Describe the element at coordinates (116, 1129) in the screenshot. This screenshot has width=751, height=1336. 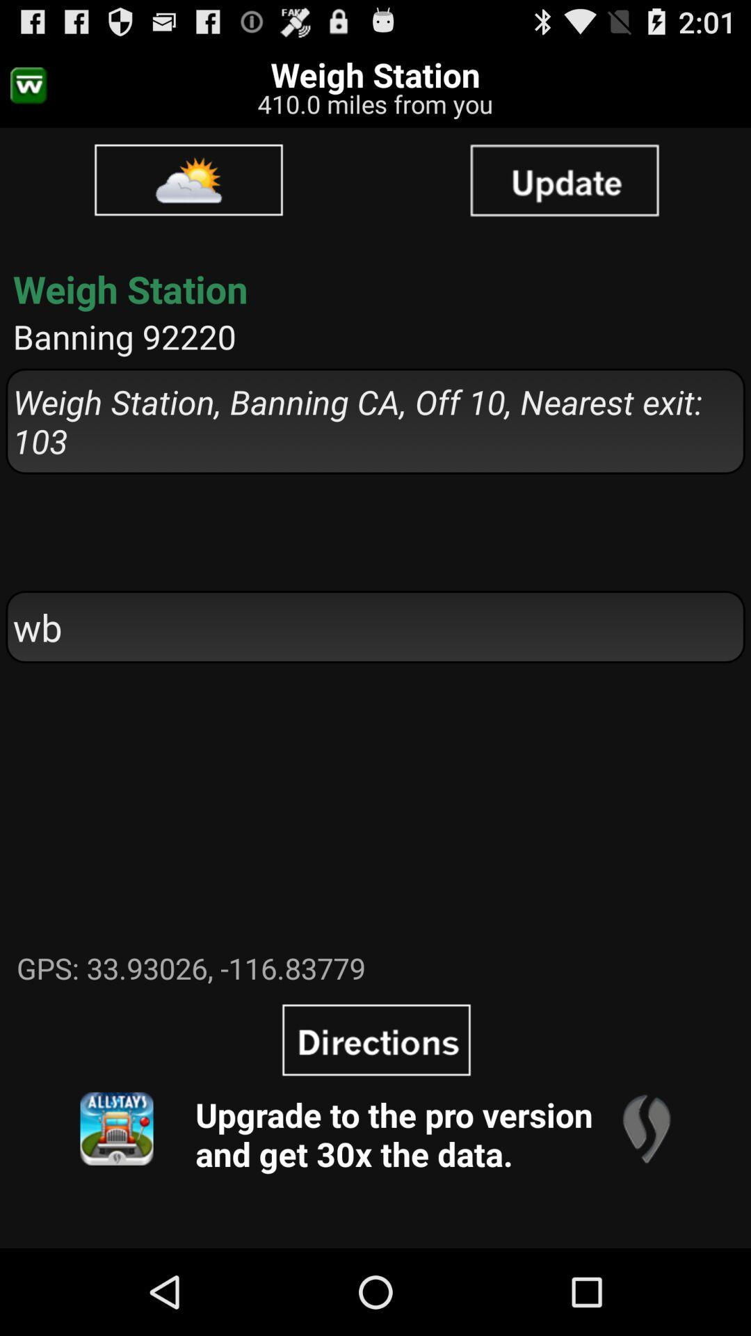
I see `icon below gps 33 93026` at that location.